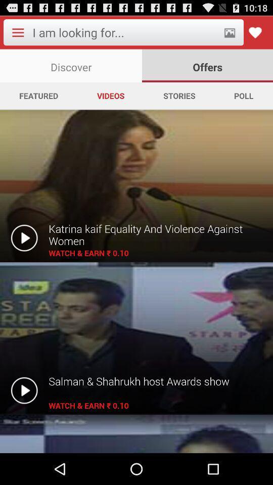  I want to click on the featured app, so click(38, 95).